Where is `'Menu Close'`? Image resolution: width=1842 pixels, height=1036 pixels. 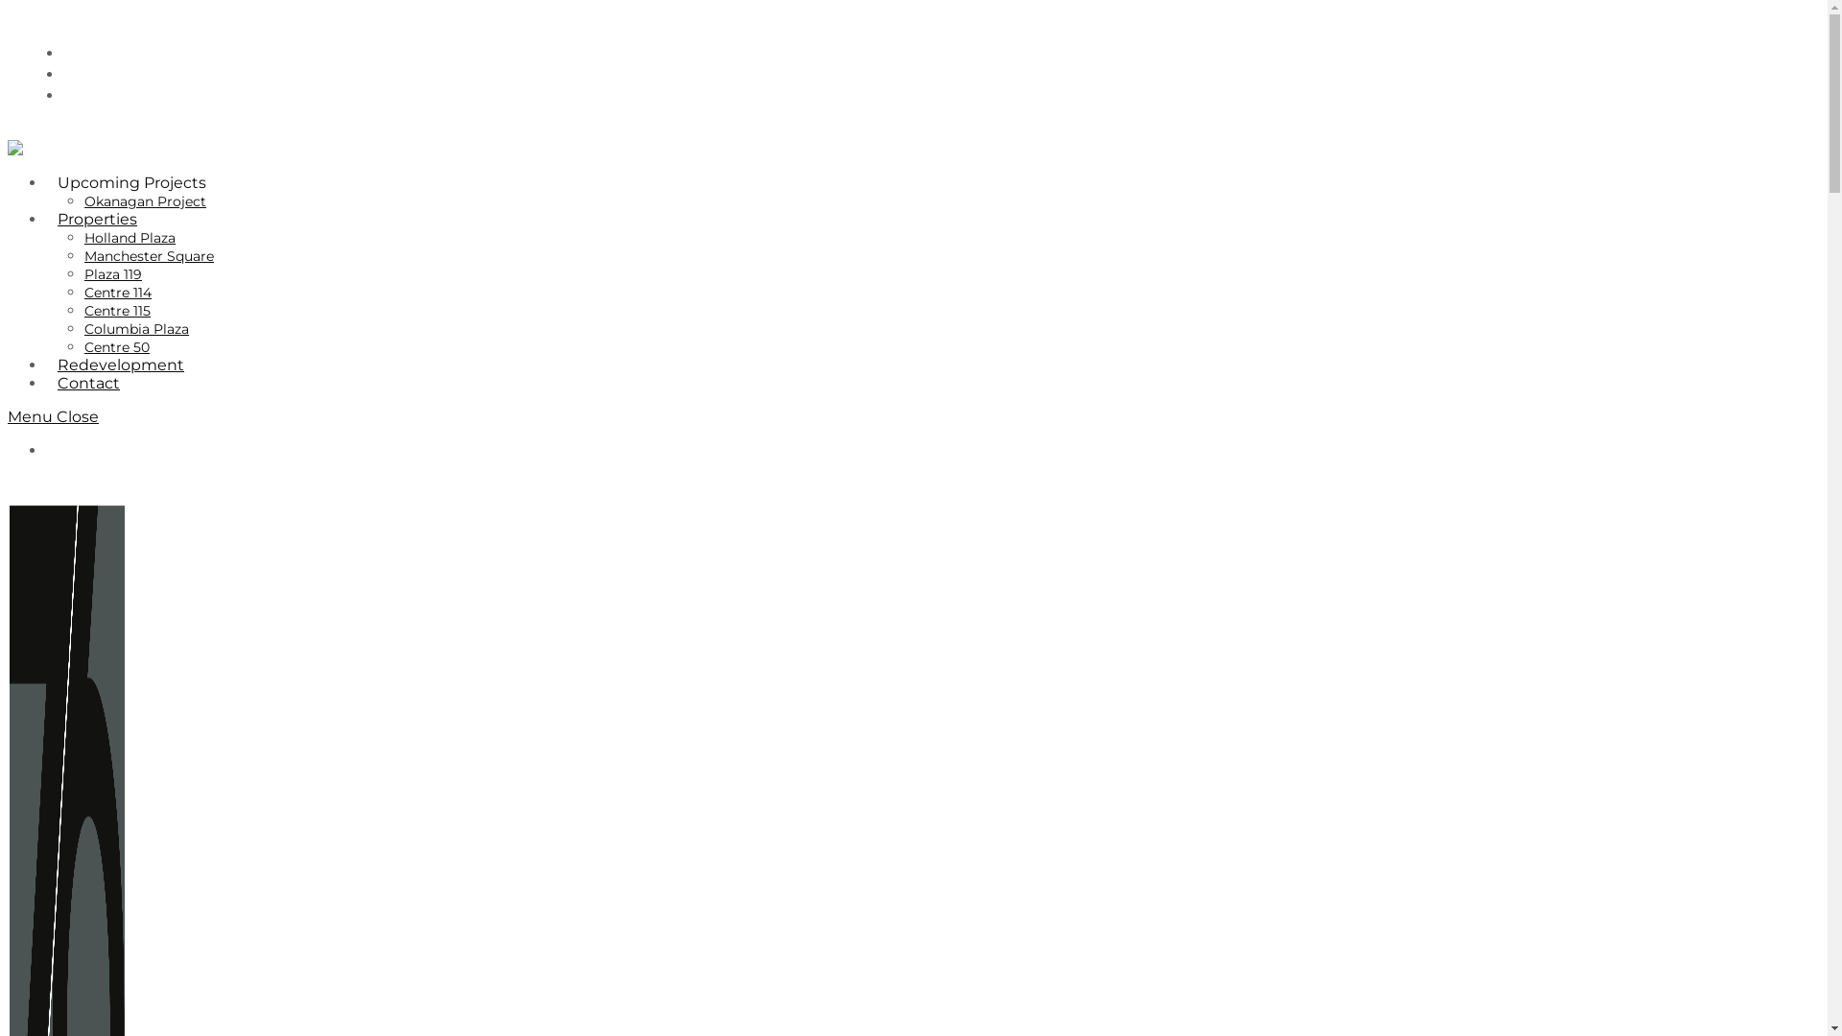 'Menu Close' is located at coordinates (53, 415).